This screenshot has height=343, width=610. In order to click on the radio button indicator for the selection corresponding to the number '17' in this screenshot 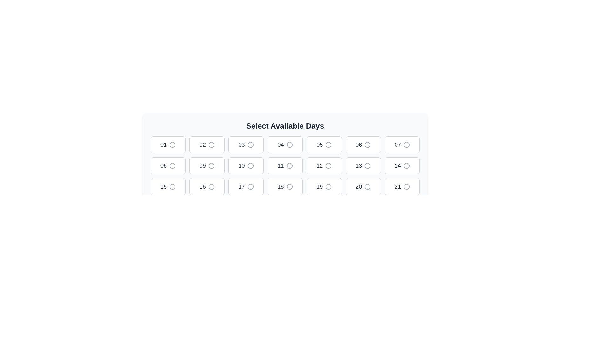, I will do `click(250, 186)`.